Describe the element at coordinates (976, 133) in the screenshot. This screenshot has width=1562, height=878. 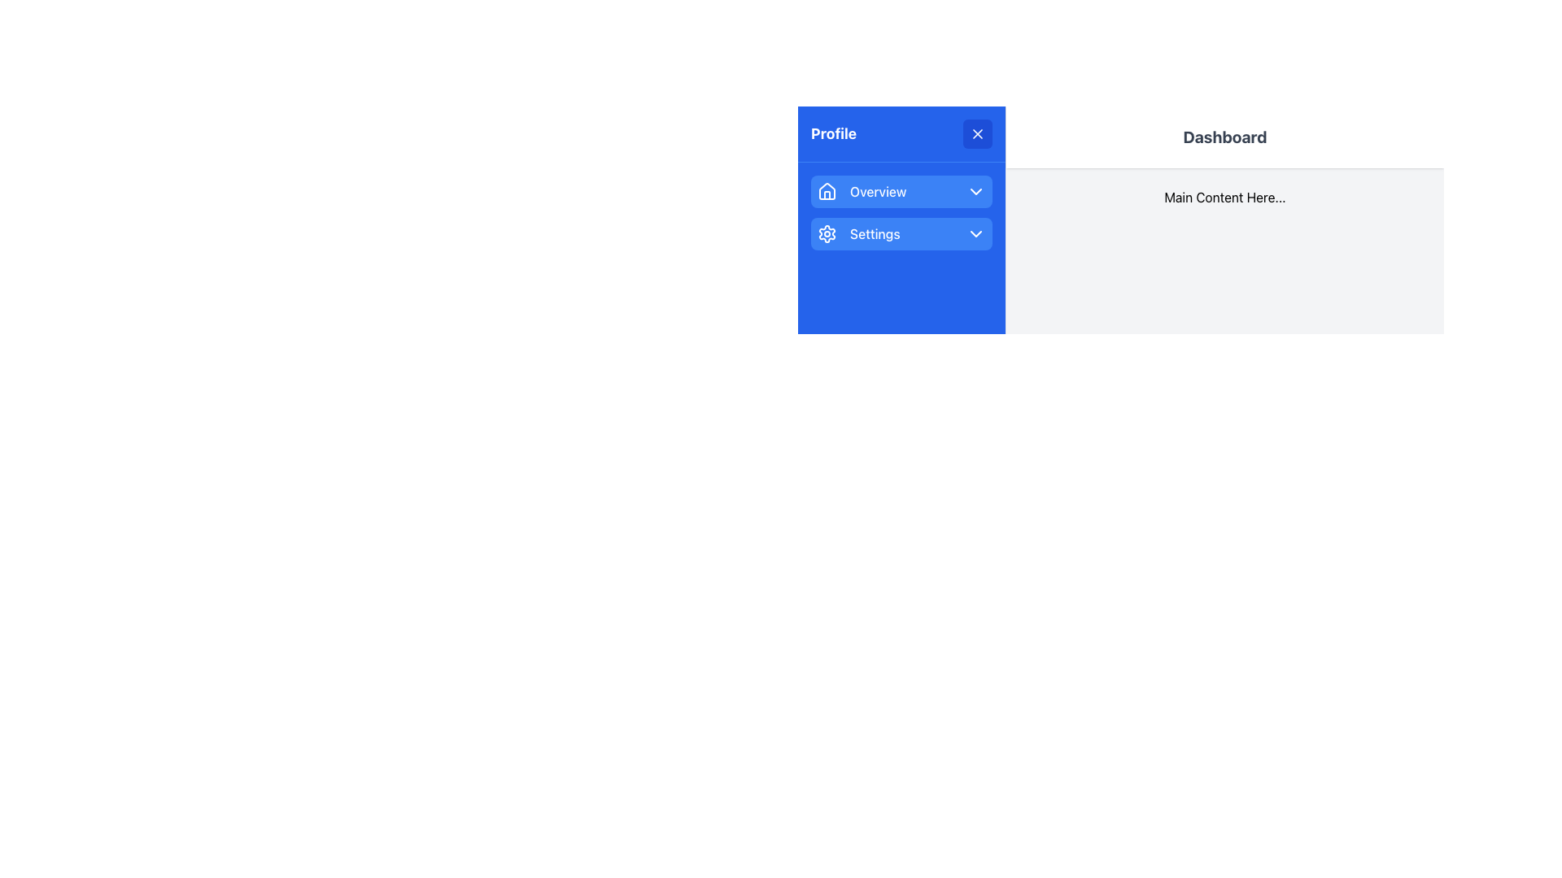
I see `the close button located at the top-right corner of the 'Profile' panel` at that location.